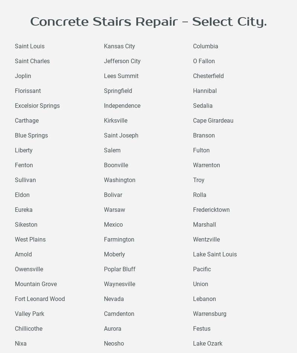 The height and width of the screenshot is (353, 297). What do you see at coordinates (201, 150) in the screenshot?
I see `'Fulton'` at bounding box center [201, 150].